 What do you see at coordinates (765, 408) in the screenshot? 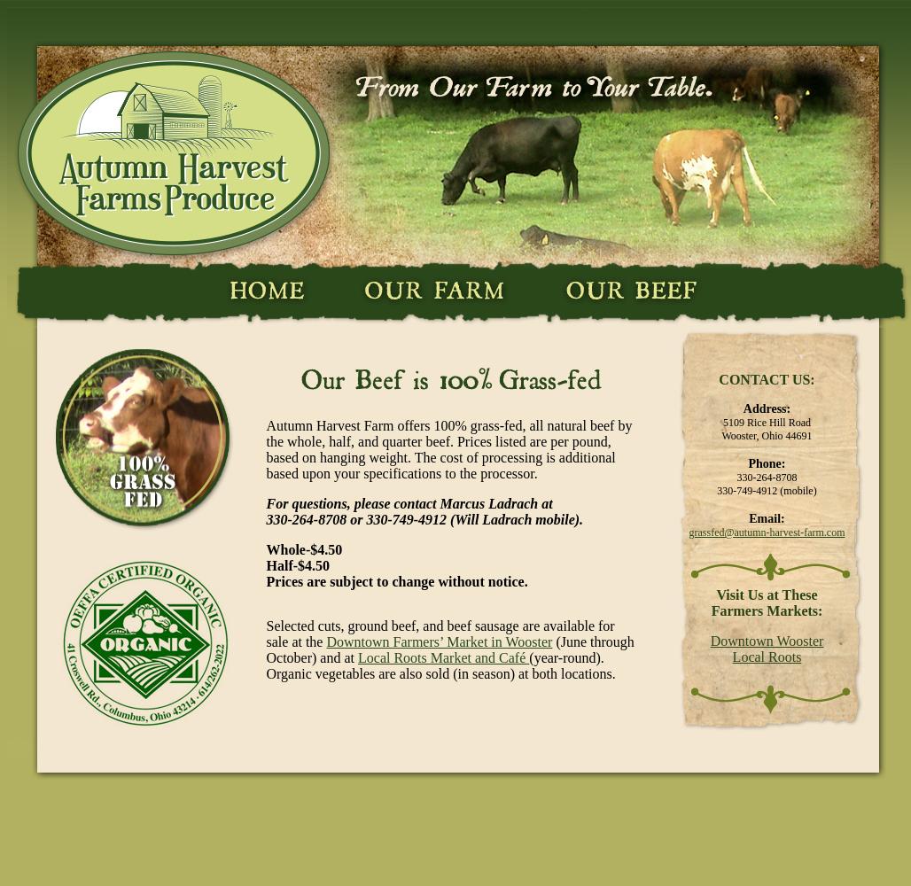
I see `'Address:'` at bounding box center [765, 408].